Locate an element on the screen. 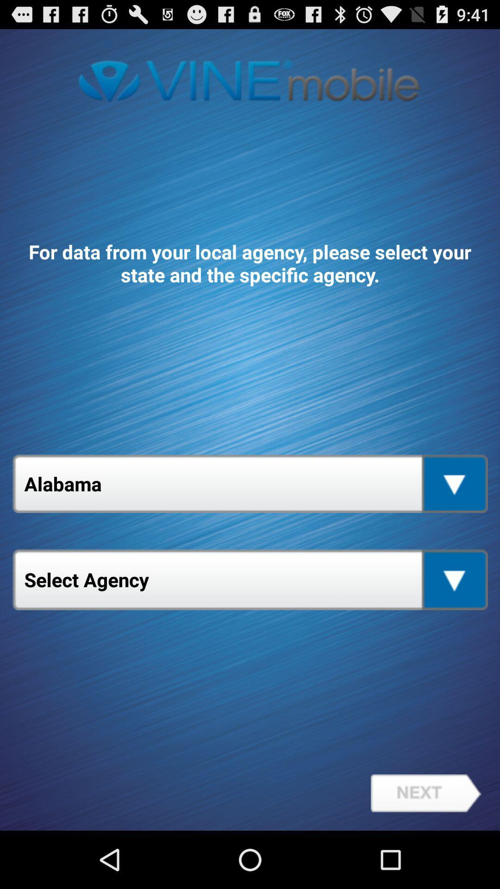  the app below the select agency is located at coordinates (426, 793).